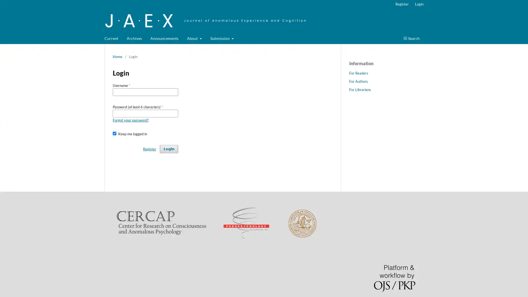 The image size is (528, 297). What do you see at coordinates (169, 148) in the screenshot?
I see `Login` at bounding box center [169, 148].